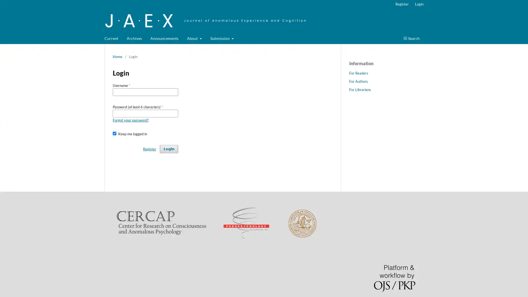 The image size is (528, 297). What do you see at coordinates (169, 148) in the screenshot?
I see `Login` at bounding box center [169, 148].